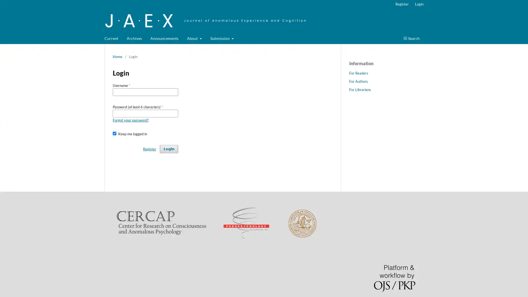 The image size is (528, 297). What do you see at coordinates (169, 148) in the screenshot?
I see `Login` at bounding box center [169, 148].